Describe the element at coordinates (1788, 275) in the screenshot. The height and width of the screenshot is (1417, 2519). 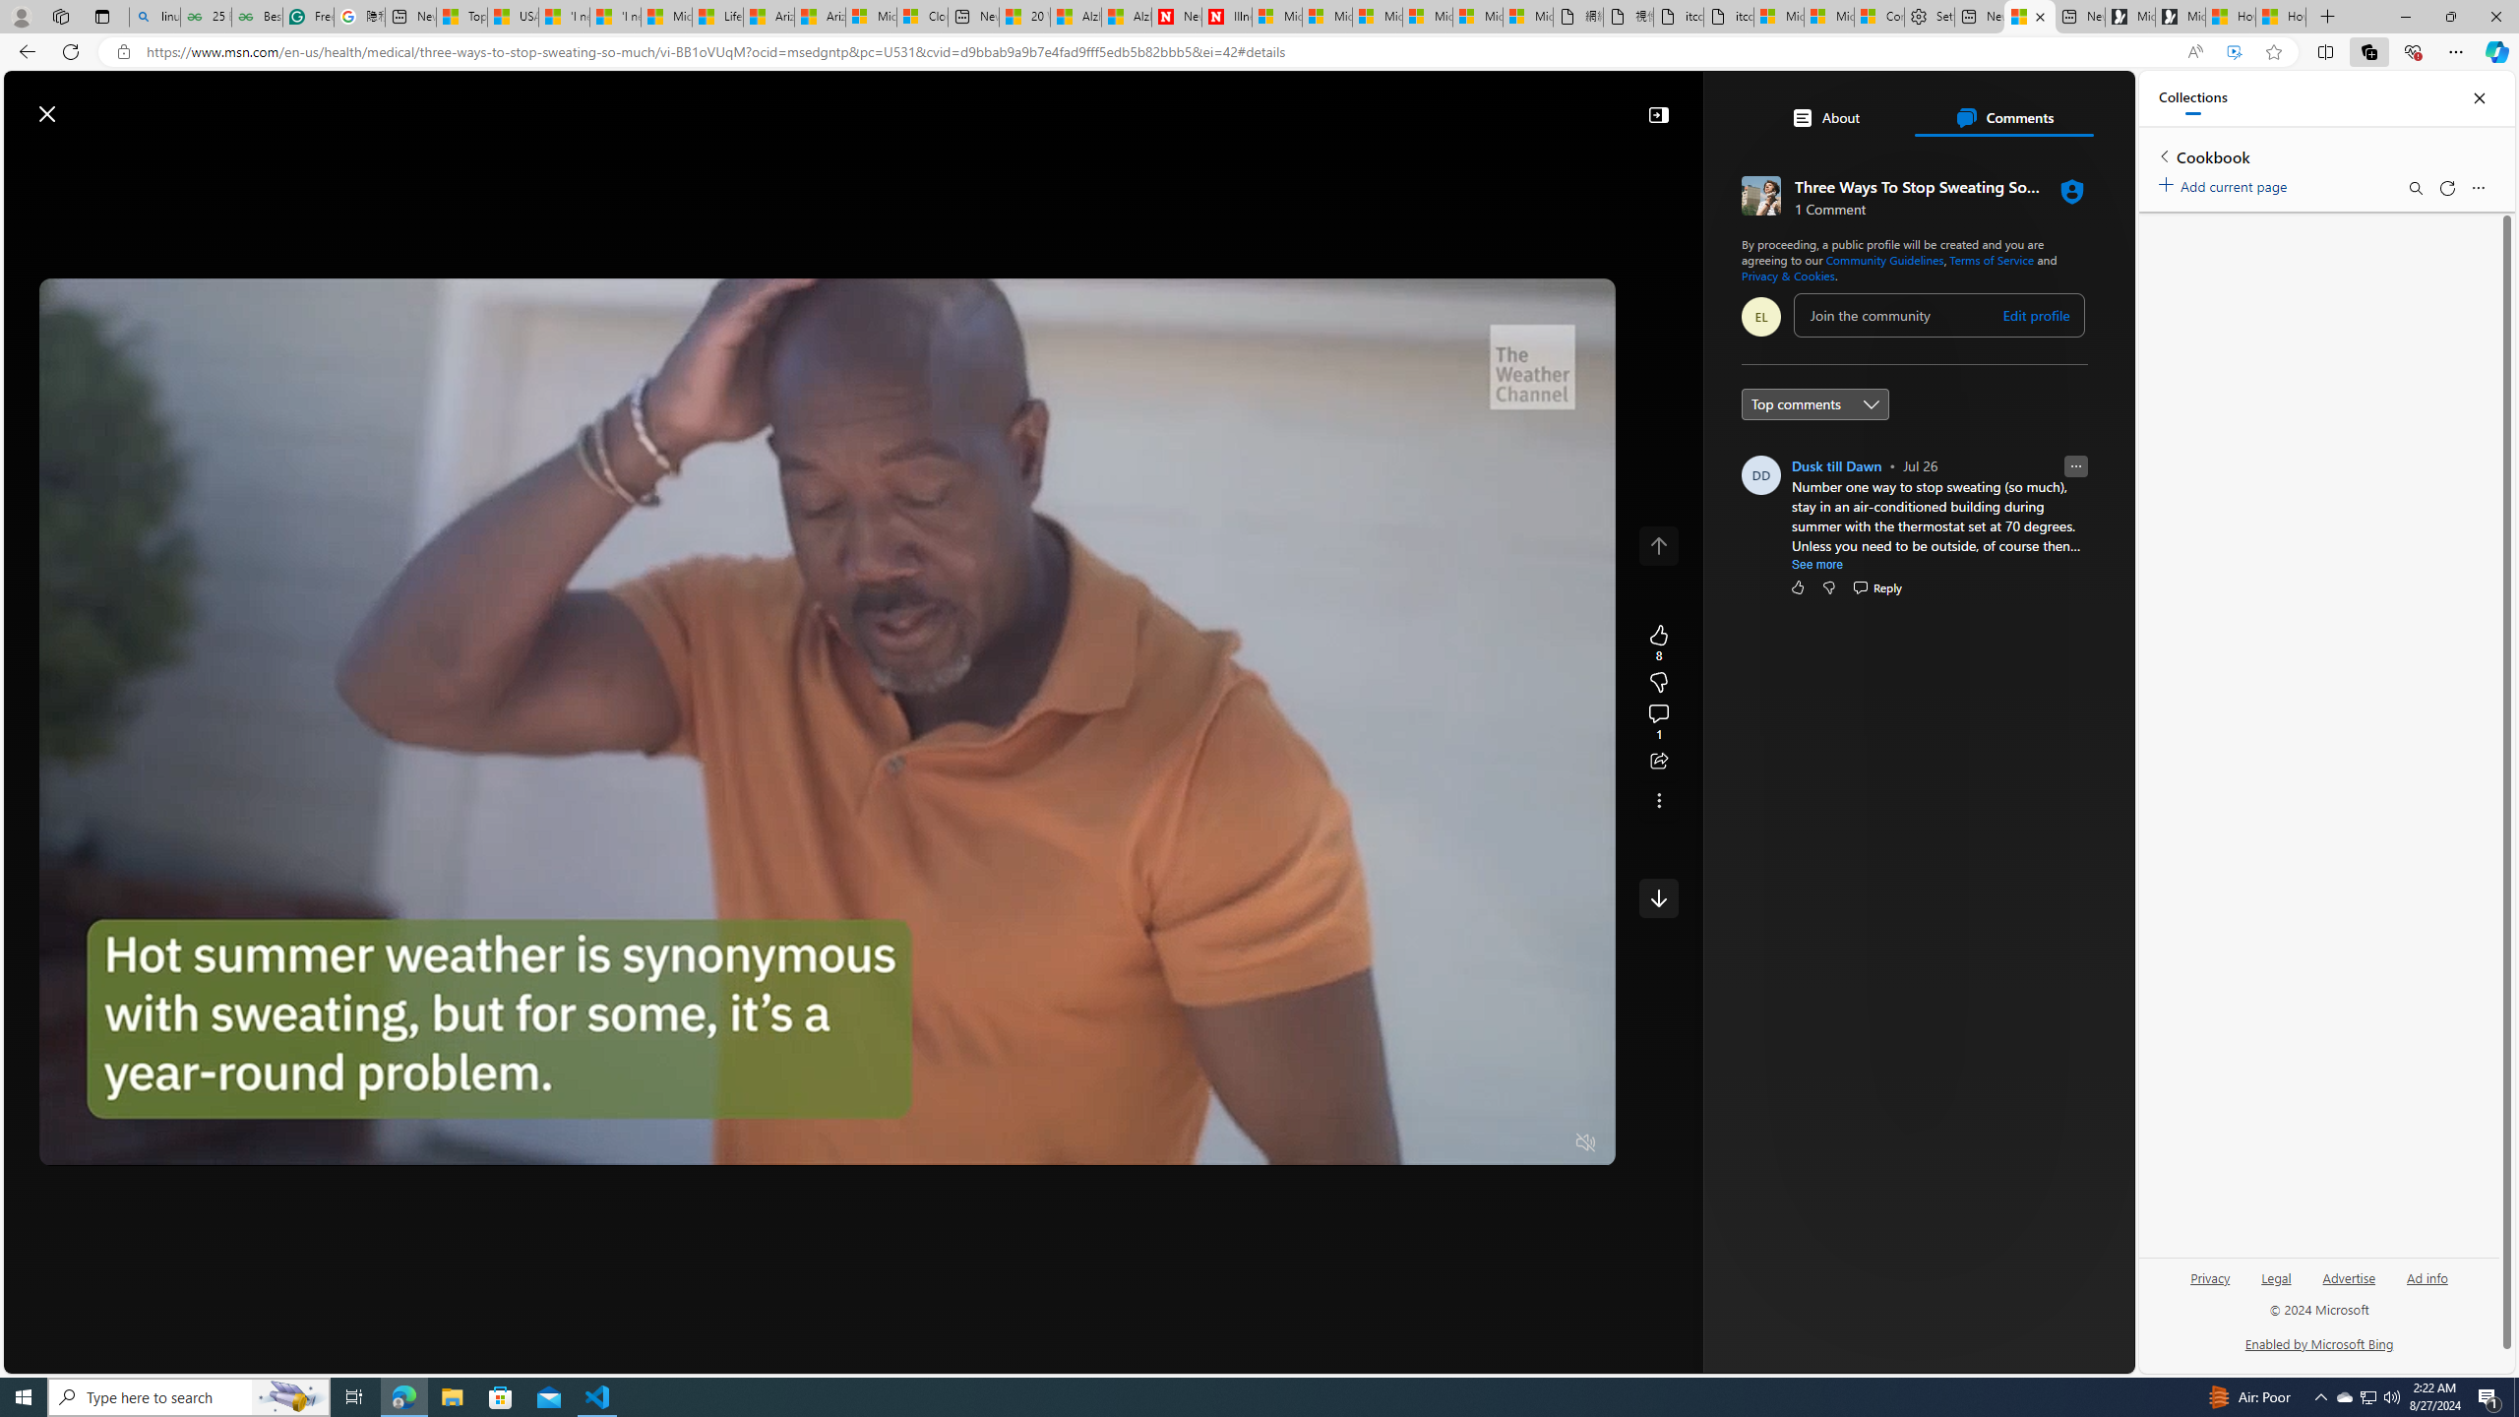
I see `'Privacy & Cookies'` at that location.